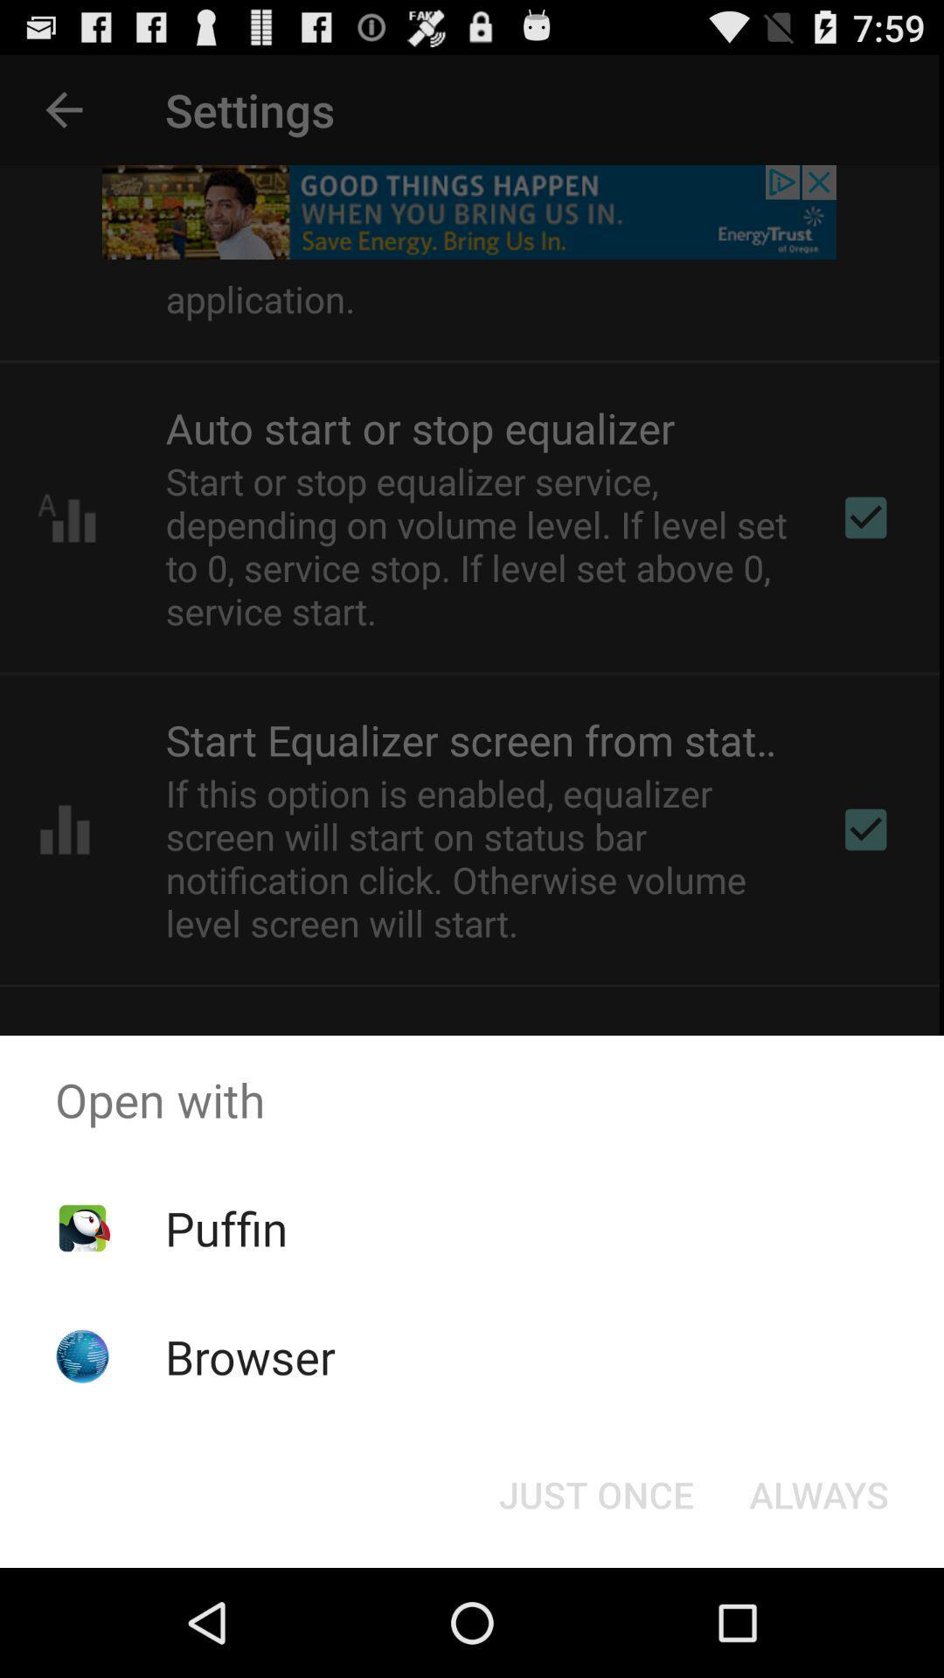  What do you see at coordinates (250, 1356) in the screenshot?
I see `the app below puffin icon` at bounding box center [250, 1356].